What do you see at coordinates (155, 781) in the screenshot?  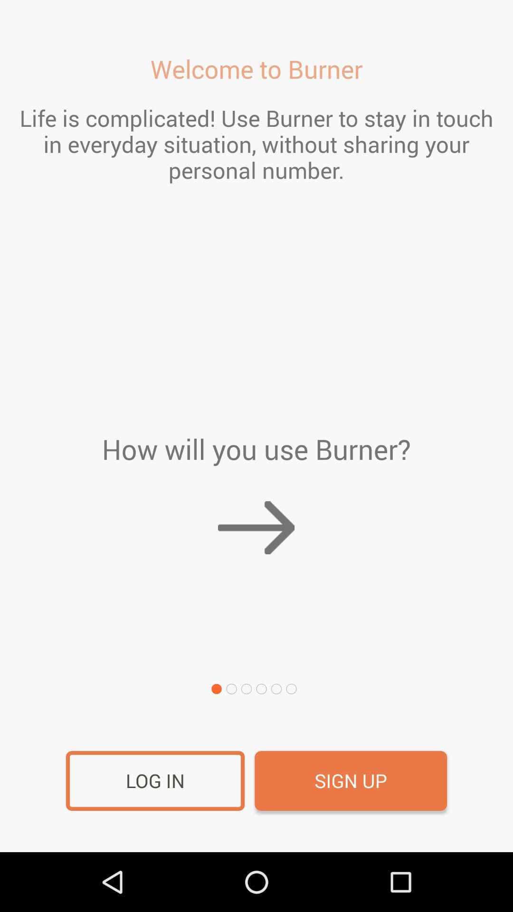 I see `item next to sign up item` at bounding box center [155, 781].